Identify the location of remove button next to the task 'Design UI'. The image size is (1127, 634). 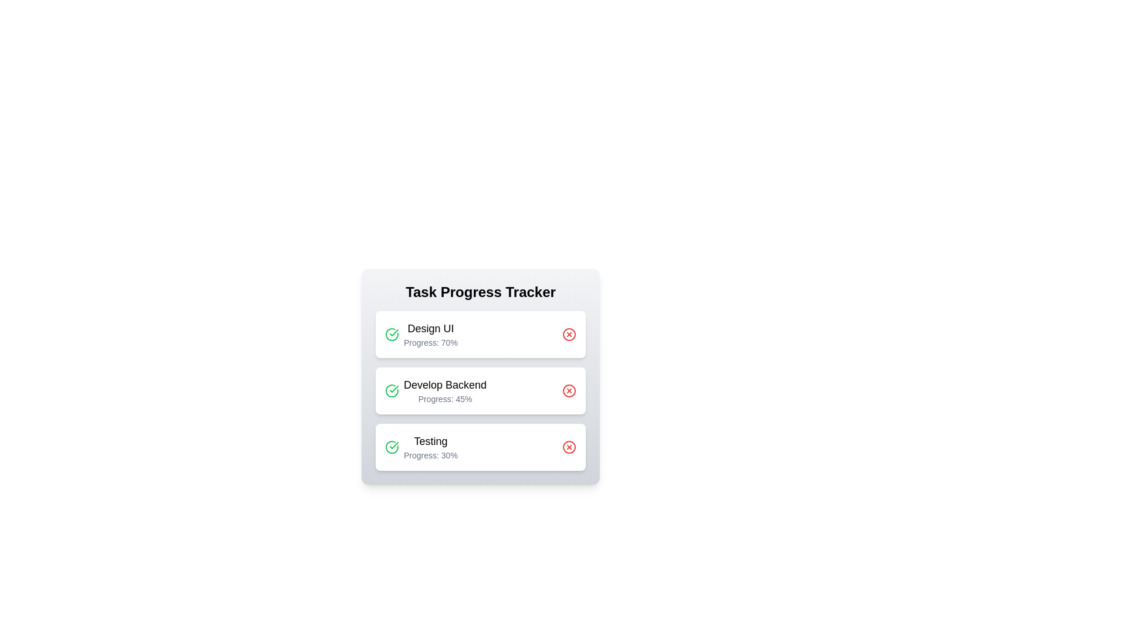
(569, 335).